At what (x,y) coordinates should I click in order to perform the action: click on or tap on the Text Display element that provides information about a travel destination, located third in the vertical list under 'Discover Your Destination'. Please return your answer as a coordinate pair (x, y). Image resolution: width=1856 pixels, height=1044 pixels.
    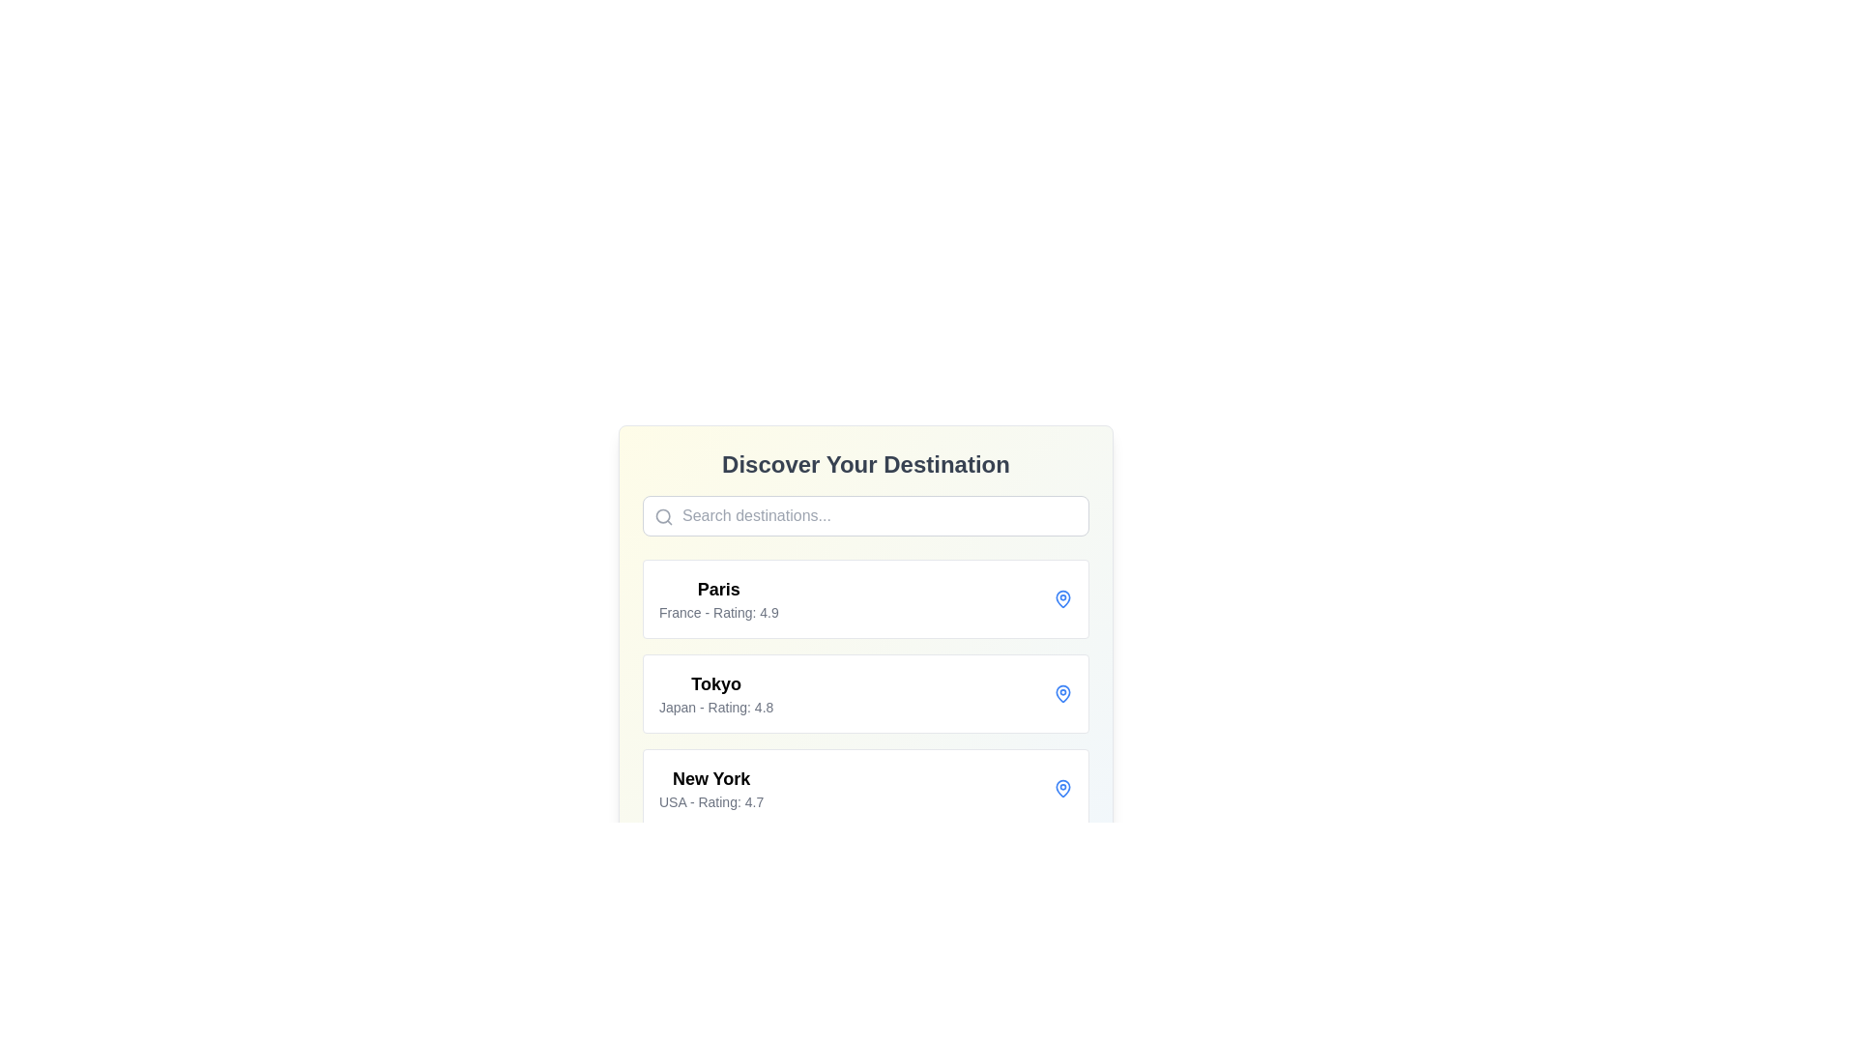
    Looking at the image, I should click on (710, 789).